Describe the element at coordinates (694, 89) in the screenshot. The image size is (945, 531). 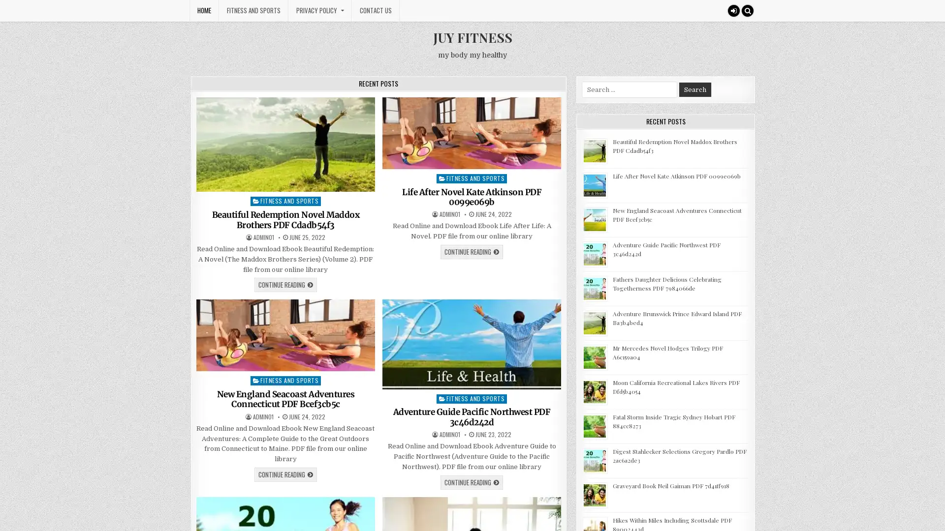
I see `Search` at that location.